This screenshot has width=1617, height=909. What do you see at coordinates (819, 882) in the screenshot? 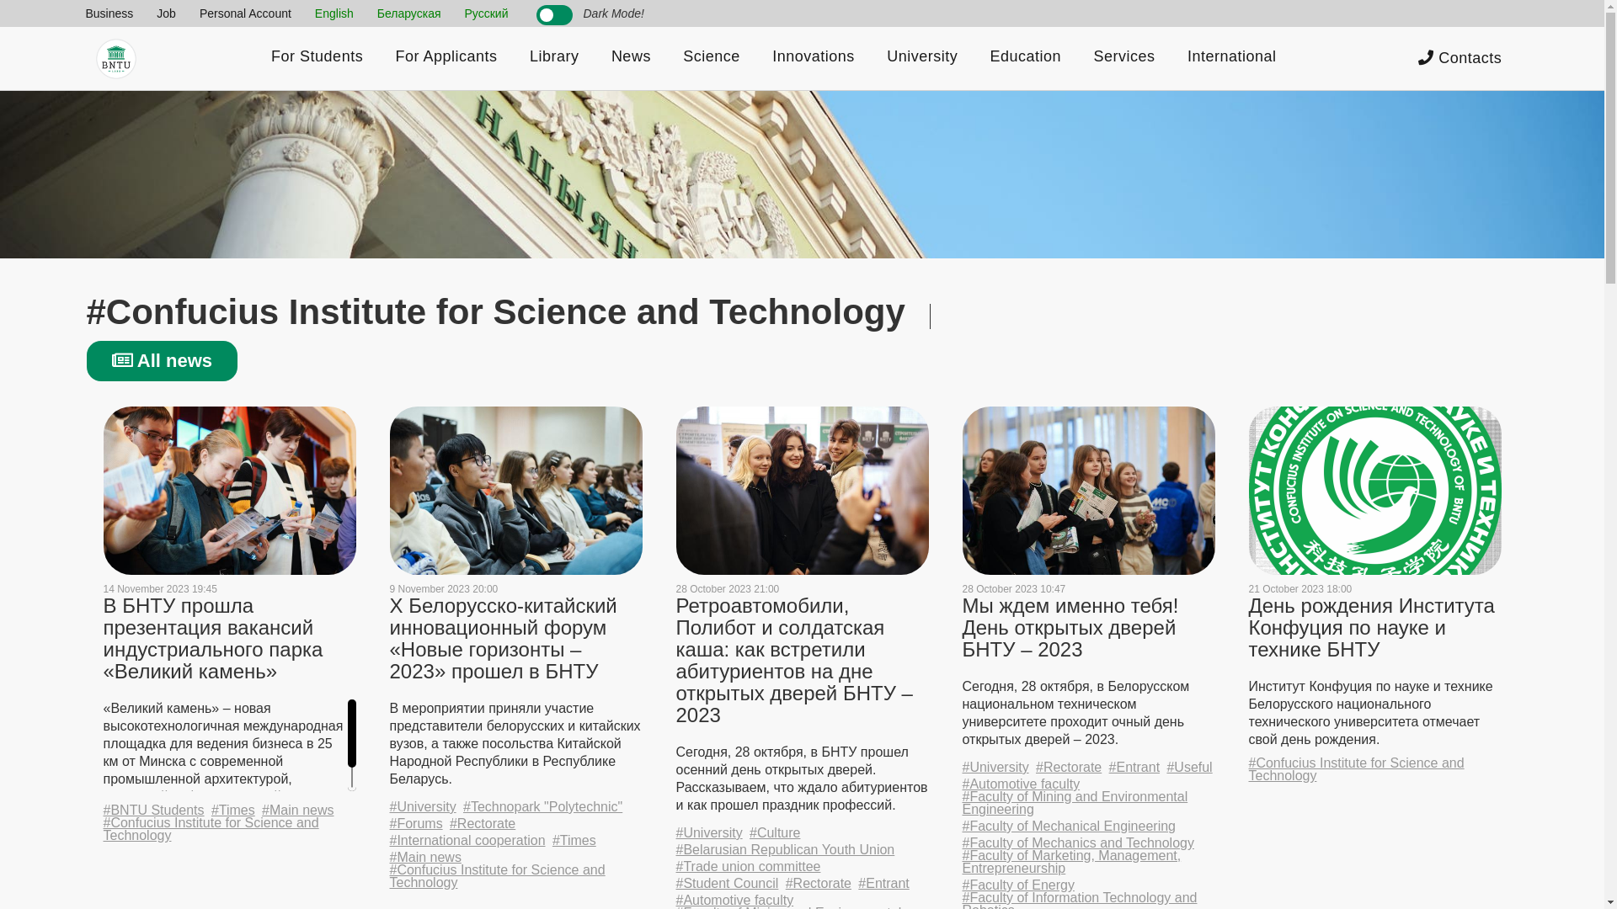
I see `'#Rectorate'` at bounding box center [819, 882].